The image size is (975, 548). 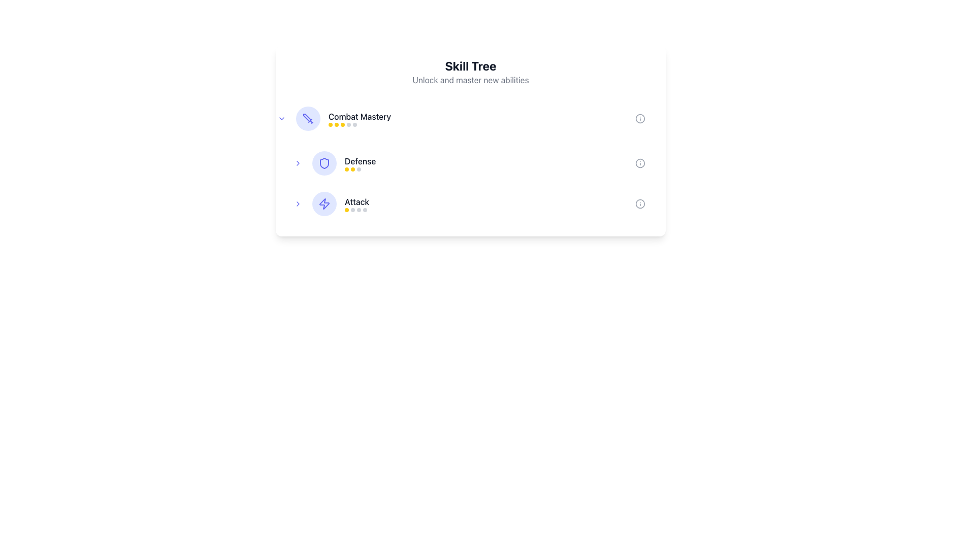 I want to click on the indigo shield icon adjacent to the 'Defense' label, so click(x=323, y=162).